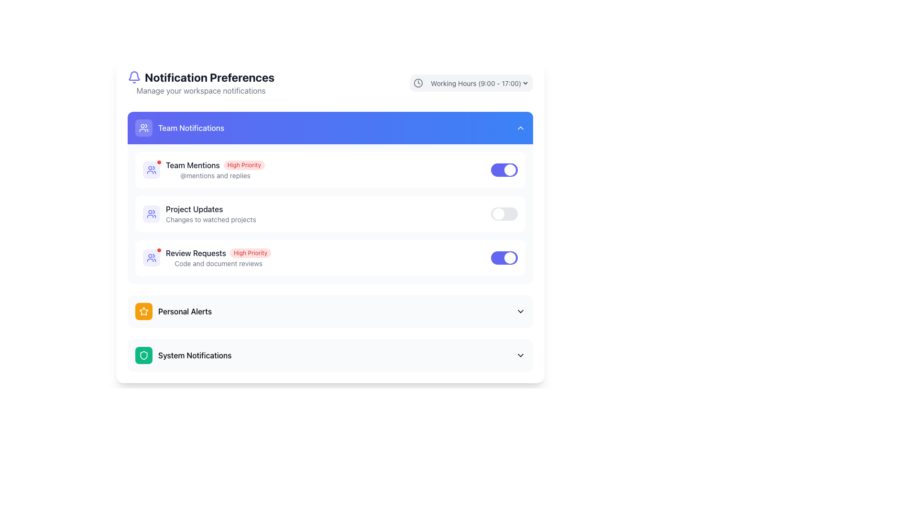 The width and height of the screenshot is (918, 516). I want to click on the text label displaying '@mentions and replies', which is styled in gray and positioned below the 'Team Mentions High Priority' heading within the 'Team Notifications' section, so click(215, 175).